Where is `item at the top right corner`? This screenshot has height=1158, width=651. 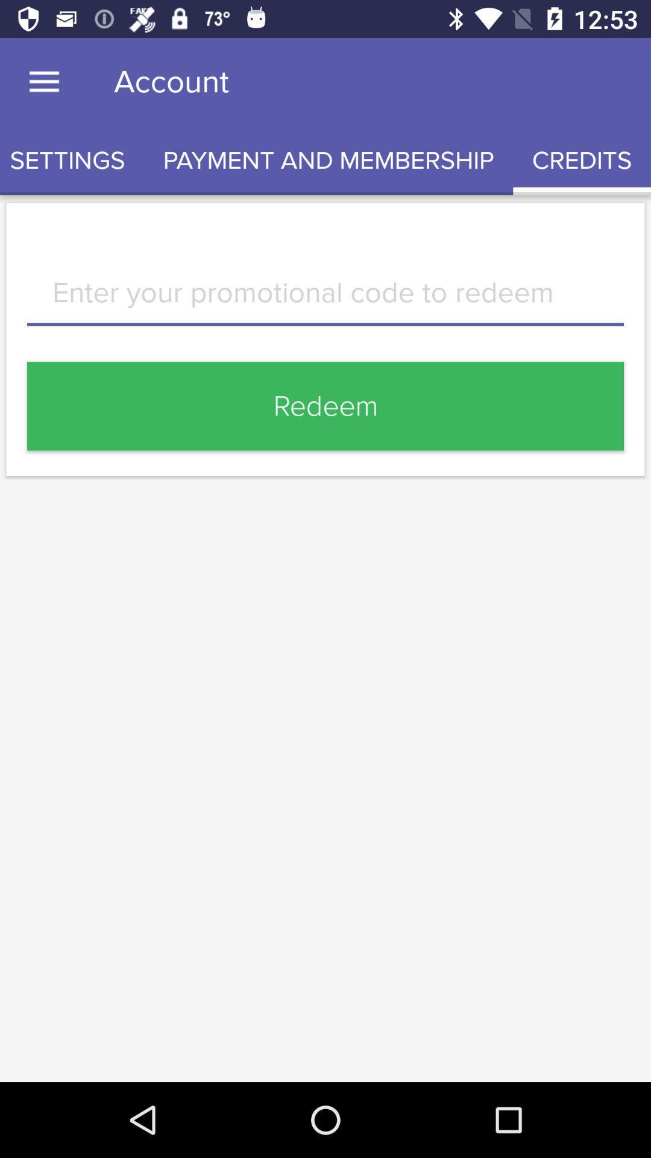
item at the top right corner is located at coordinates (581, 160).